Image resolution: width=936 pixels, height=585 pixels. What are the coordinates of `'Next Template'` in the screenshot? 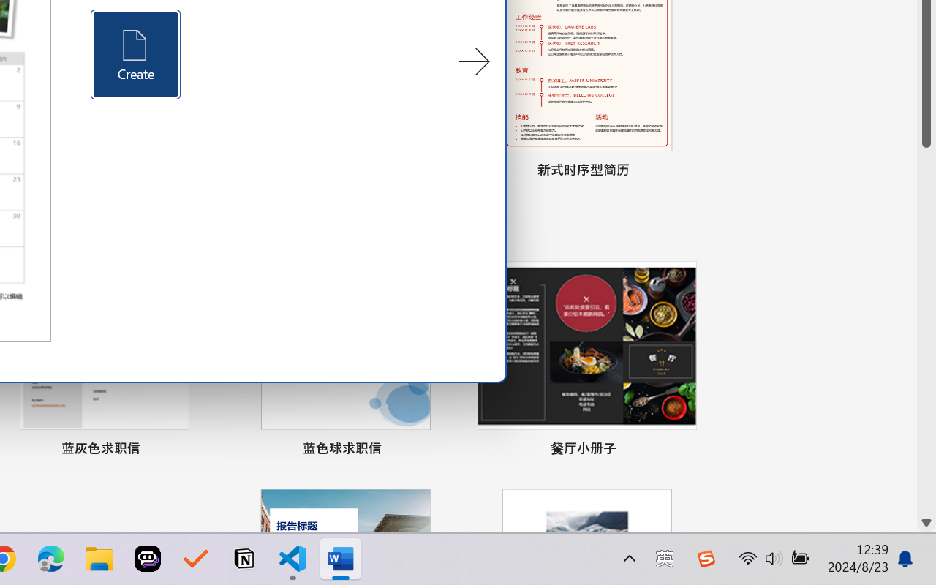 It's located at (474, 62).